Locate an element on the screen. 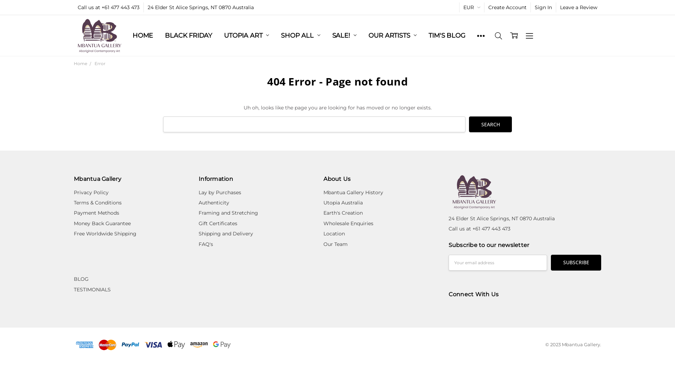 The image size is (675, 380). 'SALE!' is located at coordinates (326, 35).